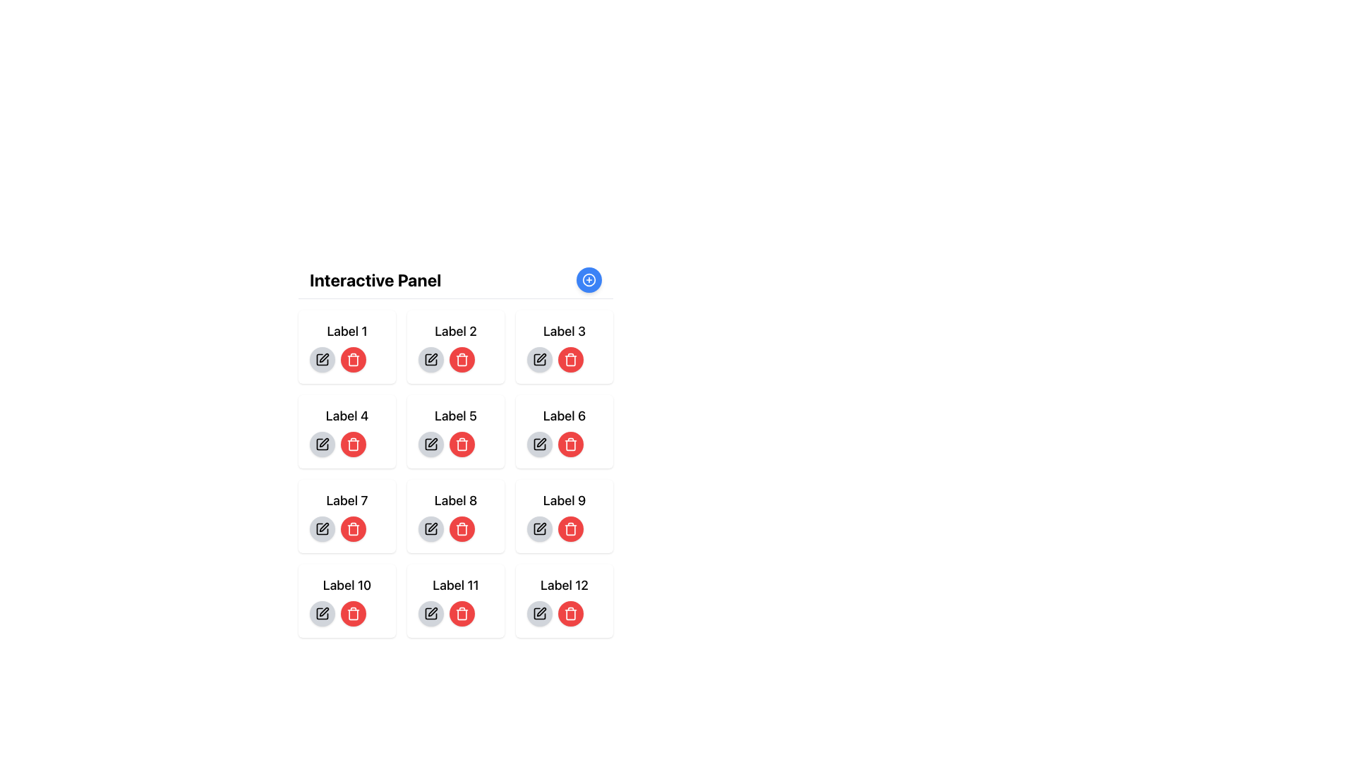 The image size is (1355, 762). What do you see at coordinates (538, 358) in the screenshot?
I see `the circular edit button with a light gray background and pen icon located in the third cell of the top row beneath the label 'Interactive Panel'` at bounding box center [538, 358].